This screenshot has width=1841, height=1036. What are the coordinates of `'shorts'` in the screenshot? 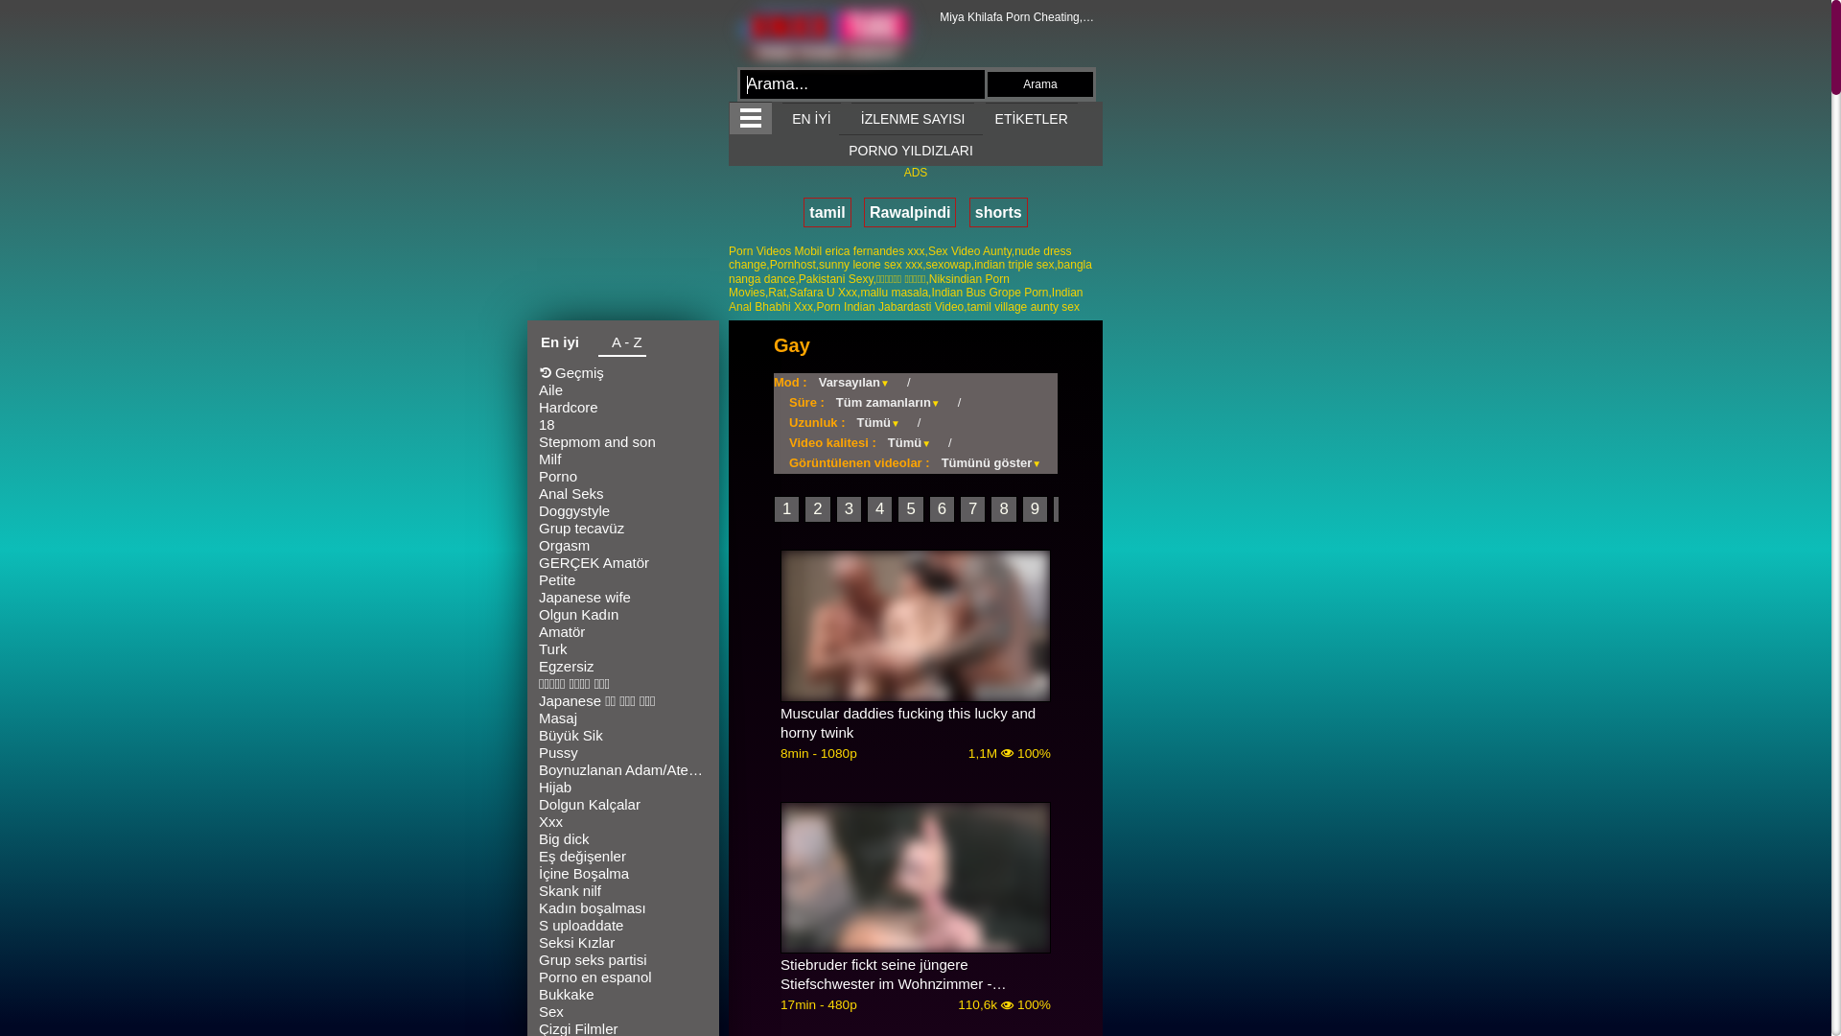 It's located at (997, 212).